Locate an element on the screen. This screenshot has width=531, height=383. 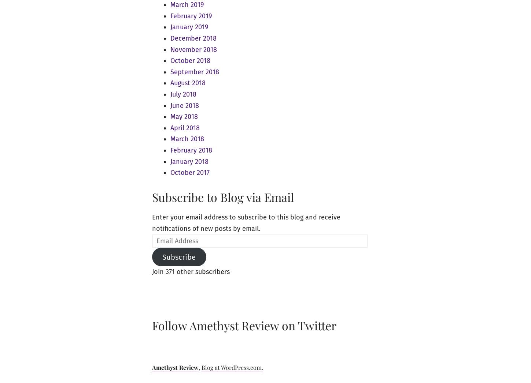
'August 2018' is located at coordinates (187, 82).